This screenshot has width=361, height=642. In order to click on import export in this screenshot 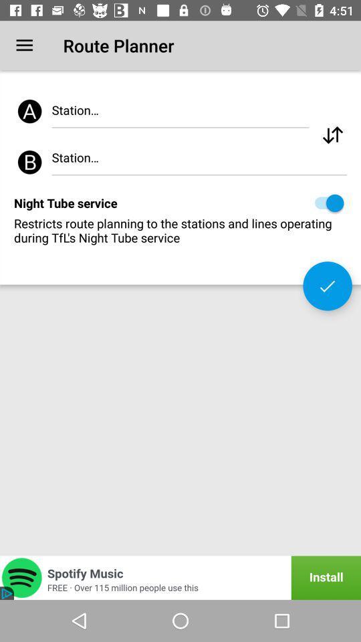, I will do `click(332, 135)`.